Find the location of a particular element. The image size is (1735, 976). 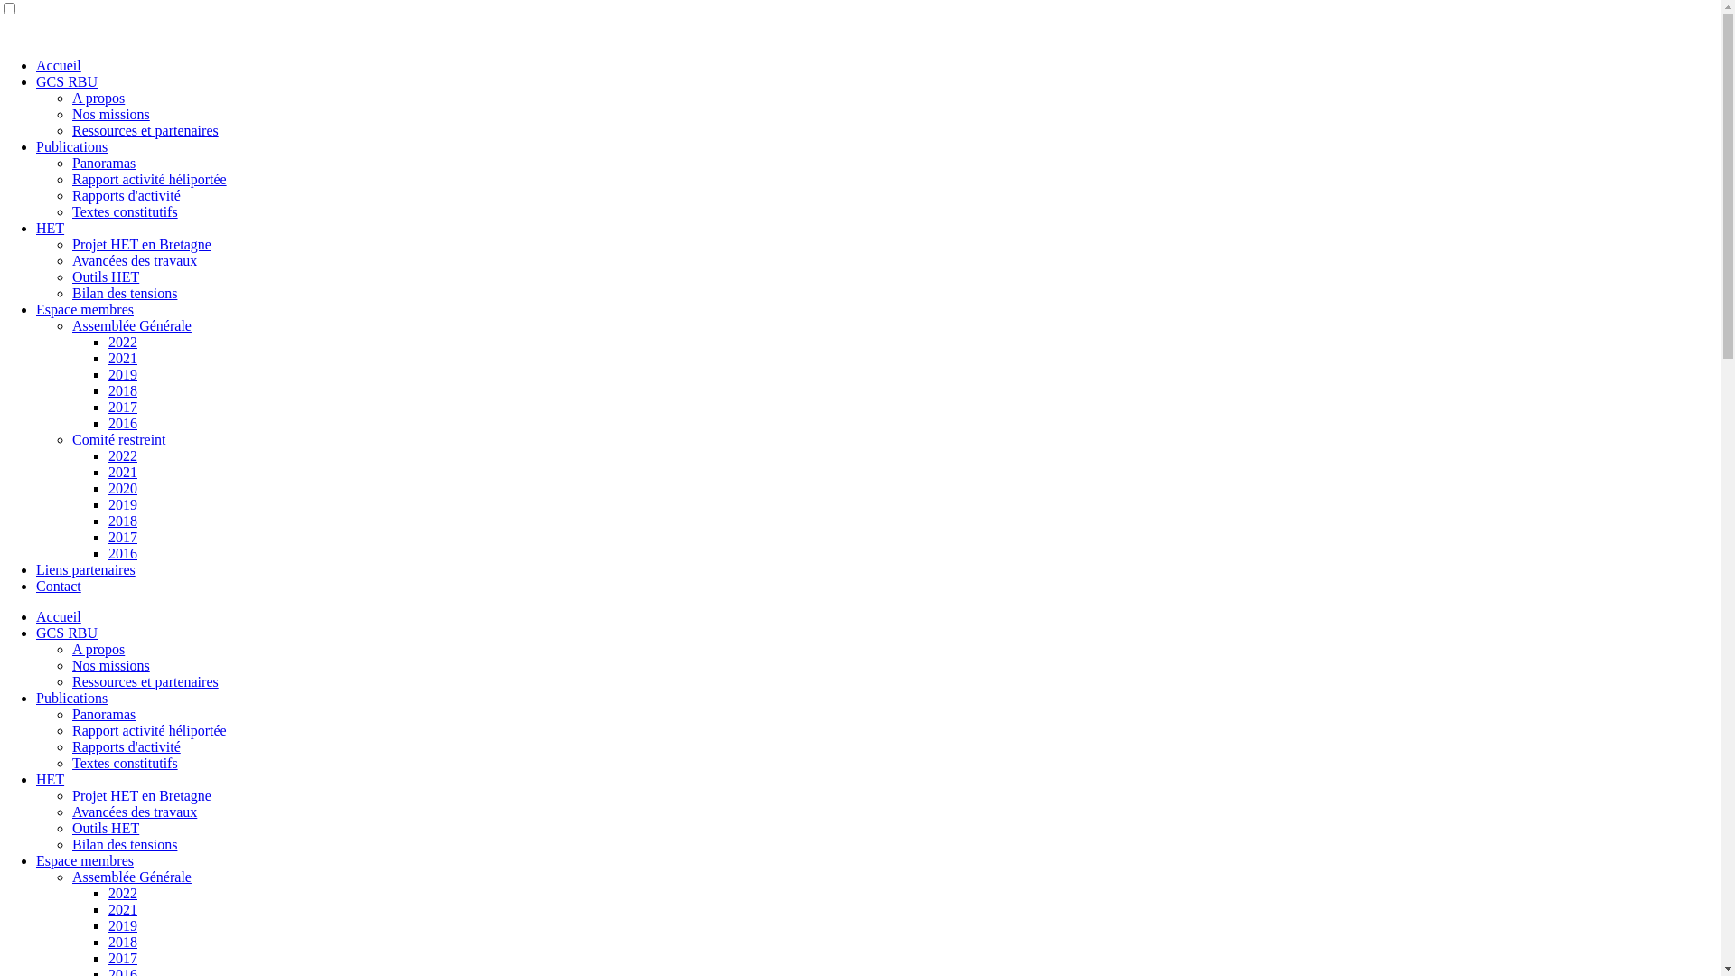

'Liens partenaires' is located at coordinates (35, 569).